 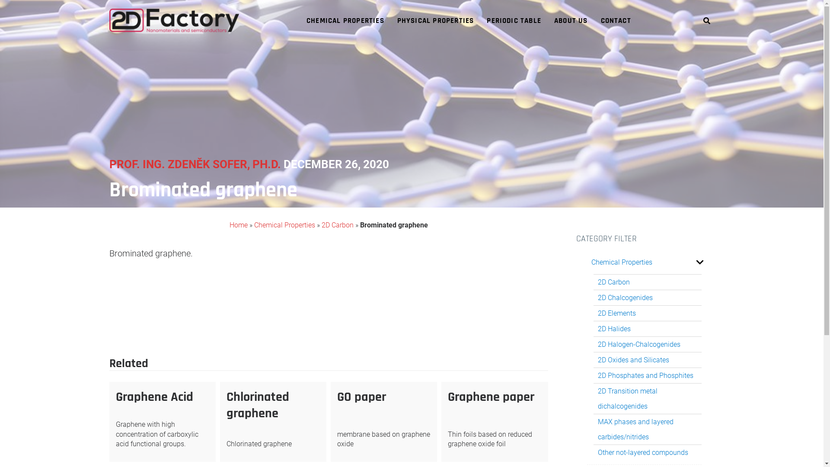 What do you see at coordinates (516, 331) in the screenshot?
I see `'Graphene Acid'` at bounding box center [516, 331].